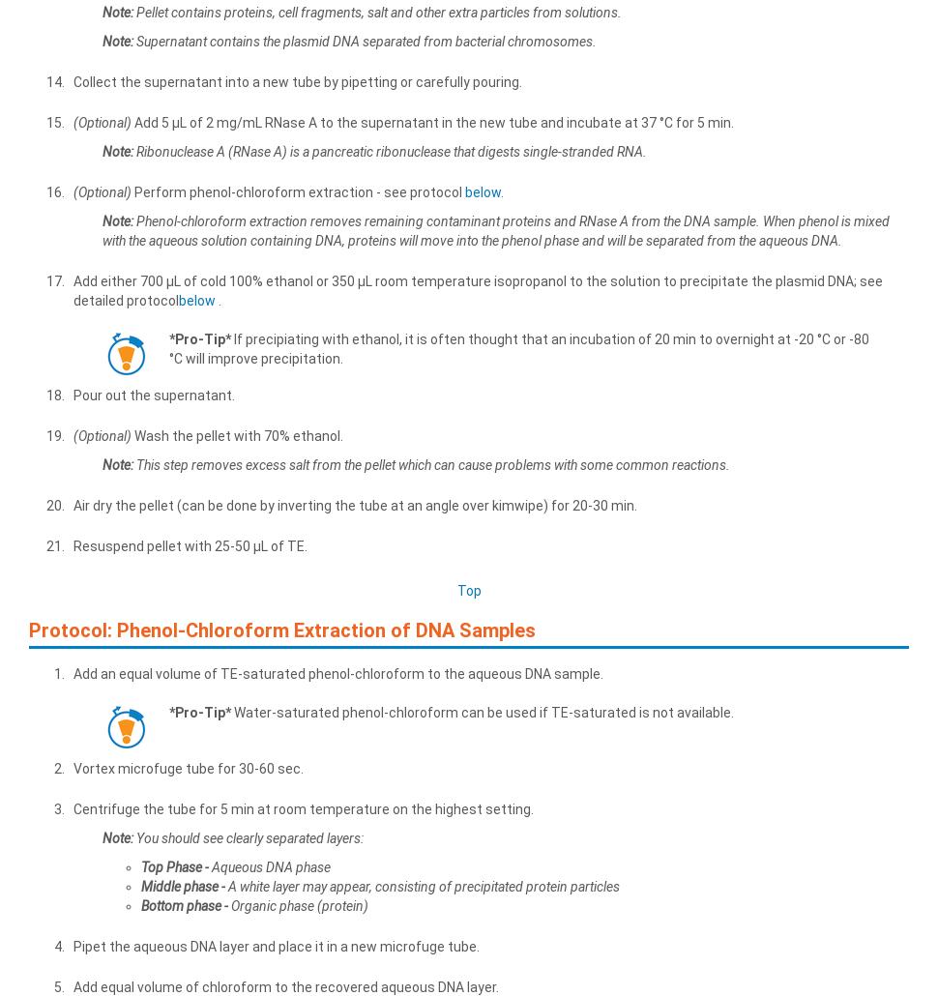 This screenshot has width=938, height=996. I want to click on 'Water-saturated phenol-chloroform can be used if TE-saturated is not available.', so click(481, 712).